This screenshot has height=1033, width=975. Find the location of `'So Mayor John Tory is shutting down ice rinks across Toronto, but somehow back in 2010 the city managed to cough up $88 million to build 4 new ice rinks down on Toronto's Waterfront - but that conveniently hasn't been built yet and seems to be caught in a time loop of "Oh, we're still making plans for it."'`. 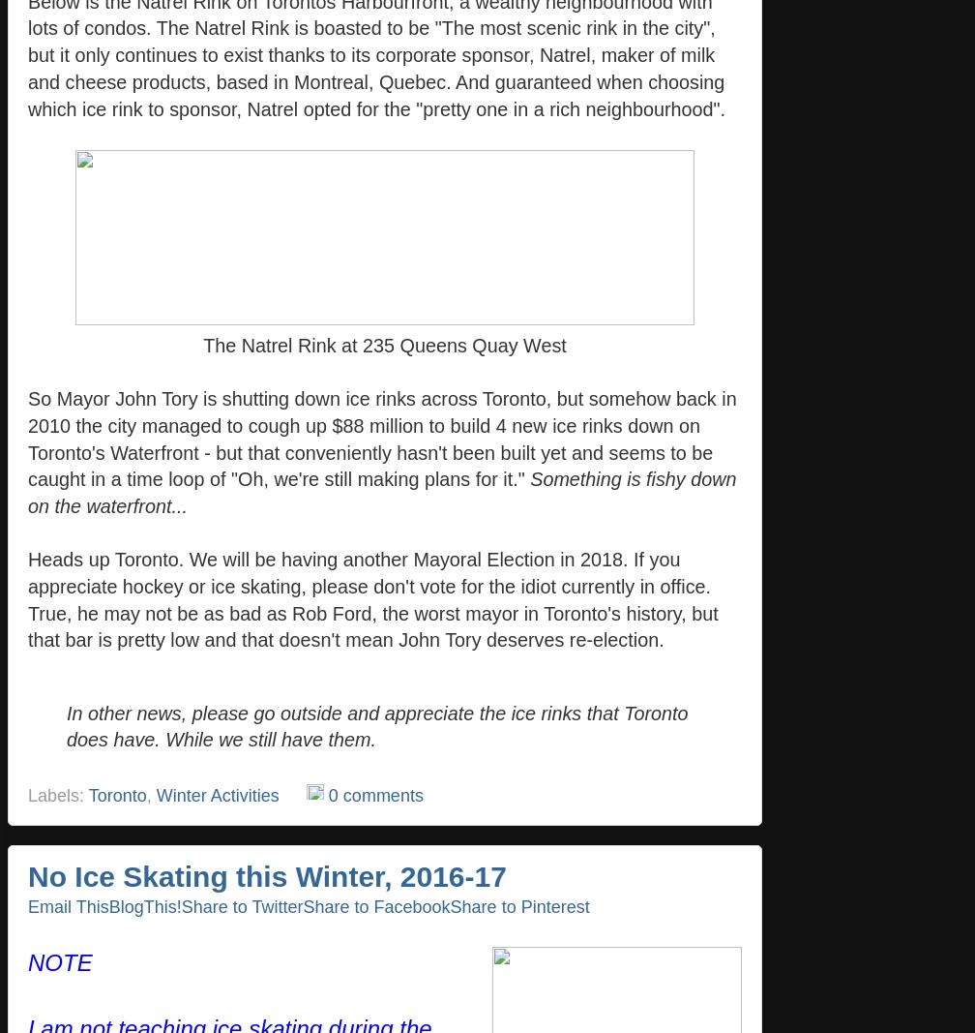

'So Mayor John Tory is shutting down ice rinks across Toronto, but somehow back in 2010 the city managed to cough up $88 million to build 4 new ice rinks down on Toronto's Waterfront - but that conveniently hasn't been built yet and seems to be caught in a time loop of "Oh, we're still making plans for it."' is located at coordinates (382, 438).